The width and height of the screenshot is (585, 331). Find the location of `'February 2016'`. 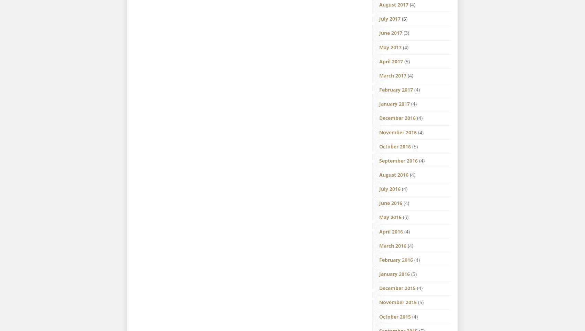

'February 2016' is located at coordinates (396, 259).